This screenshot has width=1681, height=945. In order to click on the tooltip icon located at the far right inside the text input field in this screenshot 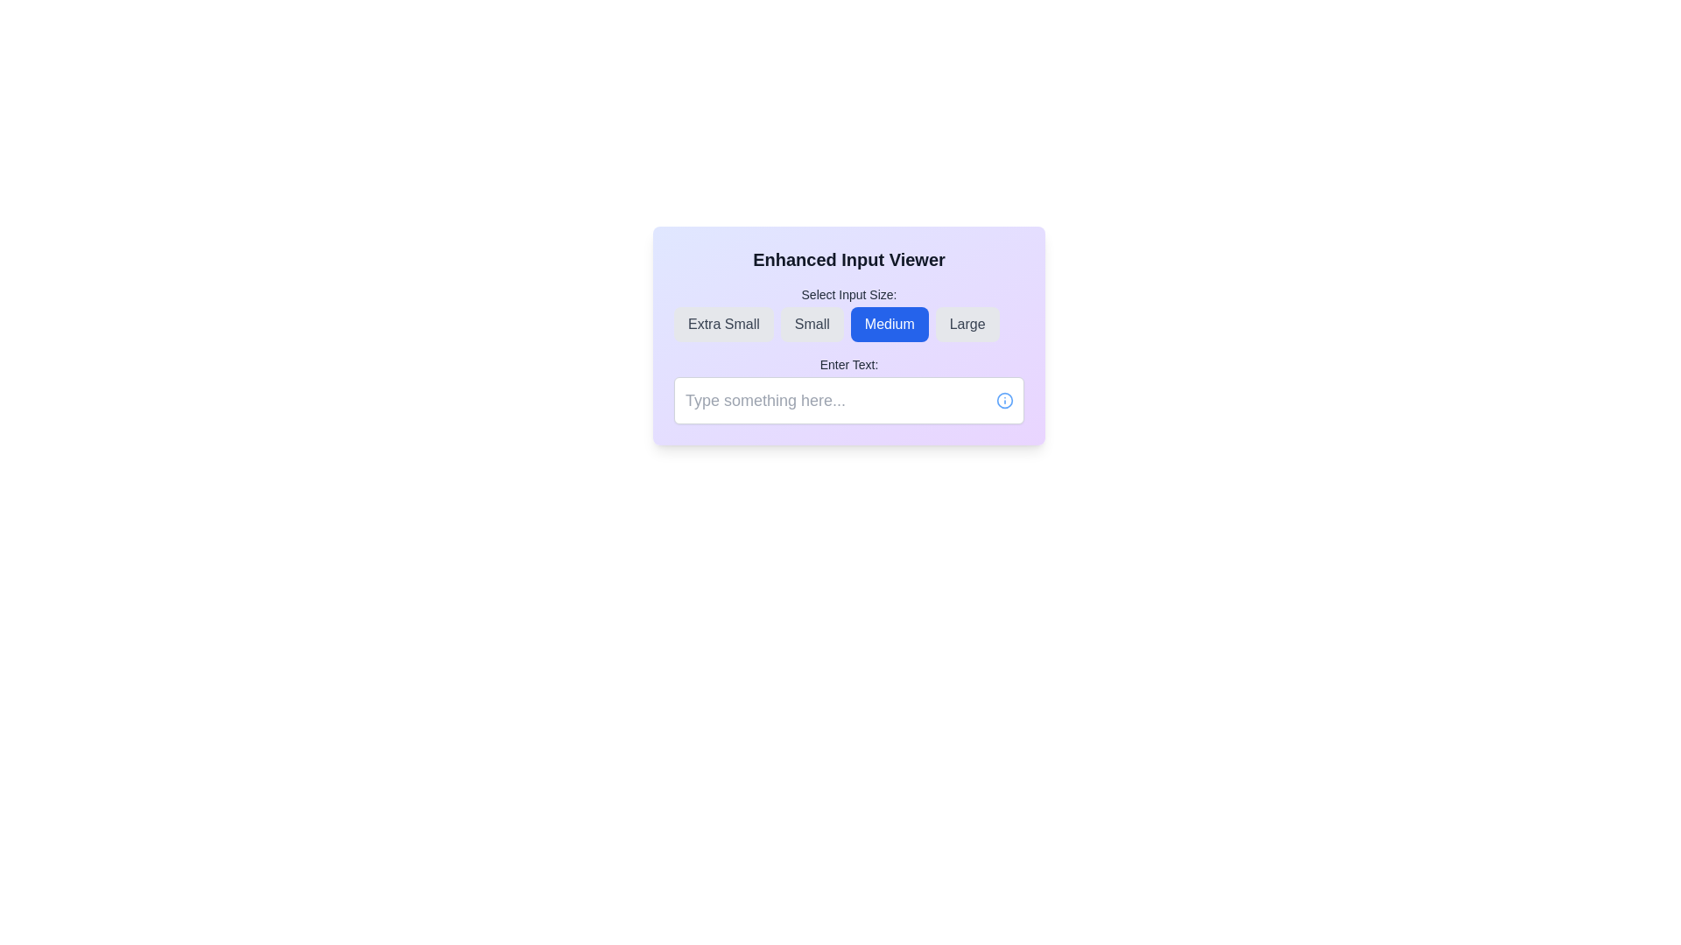, I will do `click(1004, 401)`.